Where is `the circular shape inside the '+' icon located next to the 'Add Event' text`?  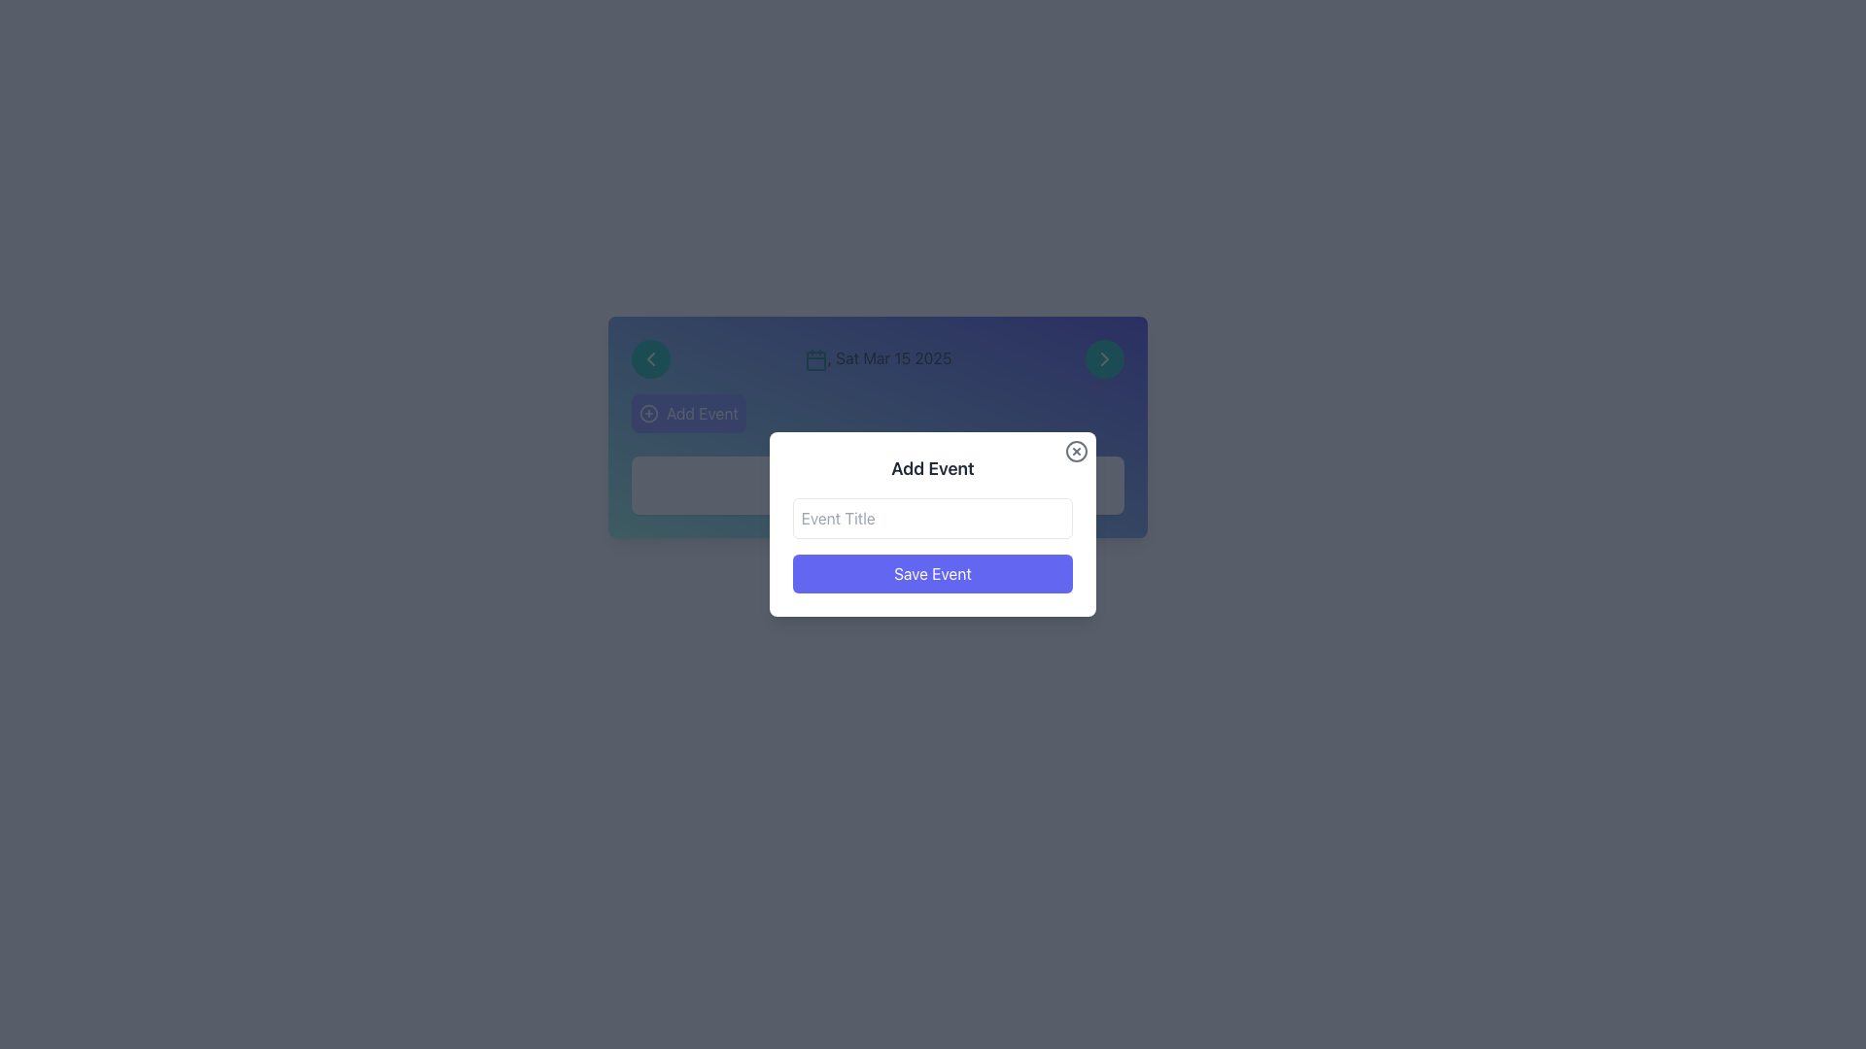
the circular shape inside the '+' icon located next to the 'Add Event' text is located at coordinates (648, 412).